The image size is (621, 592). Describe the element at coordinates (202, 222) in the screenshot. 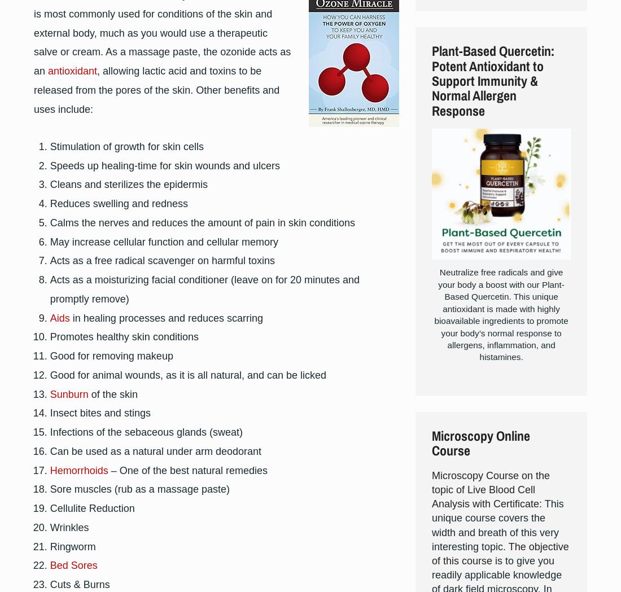

I see `'Calms the nerves and reduces the amount of pain in skin conditions'` at that location.